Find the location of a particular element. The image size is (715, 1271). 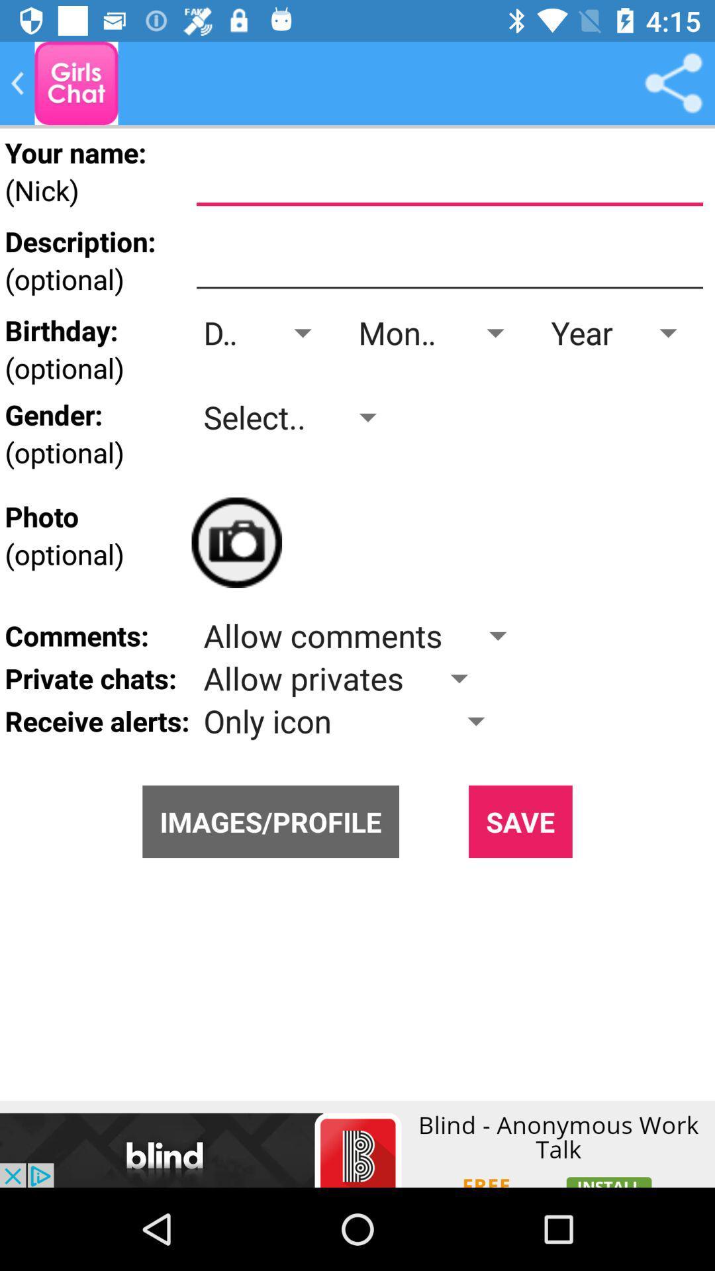

main menu is located at coordinates (76, 82).